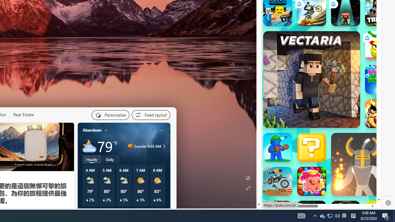  What do you see at coordinates (277, 147) in the screenshot?
I see `'War Master'` at bounding box center [277, 147].